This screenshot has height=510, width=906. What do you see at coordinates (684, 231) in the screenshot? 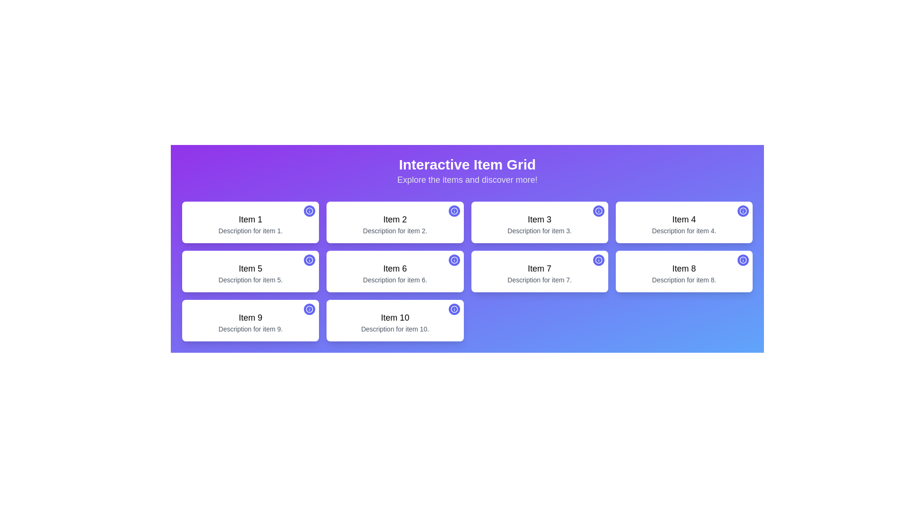
I see `the textual description element located below the title 'Item 4' within the white card for 'Item 4' in the grid` at bounding box center [684, 231].